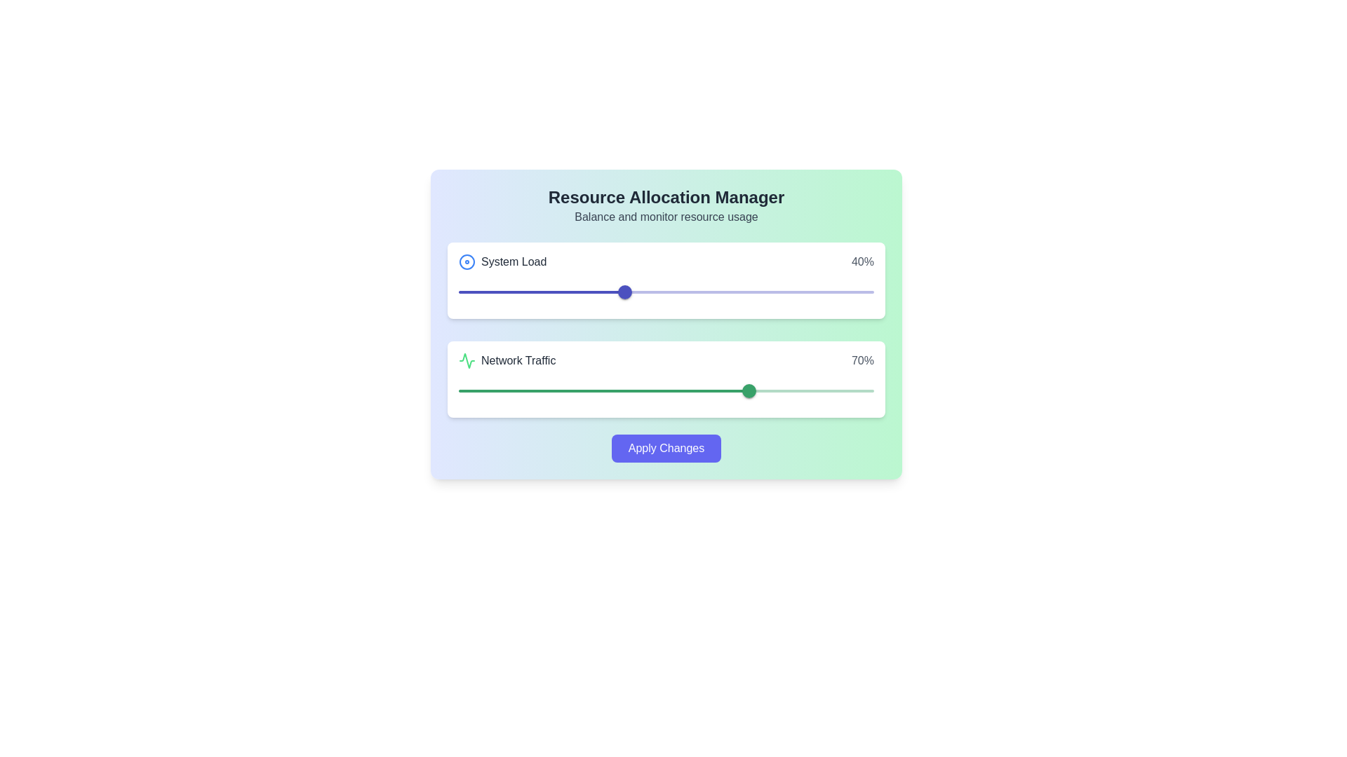 Image resolution: width=1347 pixels, height=757 pixels. What do you see at coordinates (467, 360) in the screenshot?
I see `the compact graphical icon styled with green lines on a transparent background, which features a waveform motif and is located to the left of the 'Network Traffic' text` at bounding box center [467, 360].